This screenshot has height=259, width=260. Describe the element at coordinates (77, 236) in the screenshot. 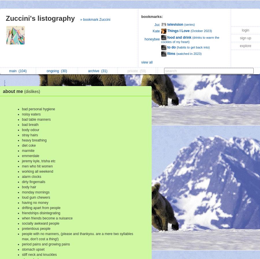

I see `'people with no manners, (please and thankyou. are a mere two syllables max, don't cost a thing!)'` at that location.